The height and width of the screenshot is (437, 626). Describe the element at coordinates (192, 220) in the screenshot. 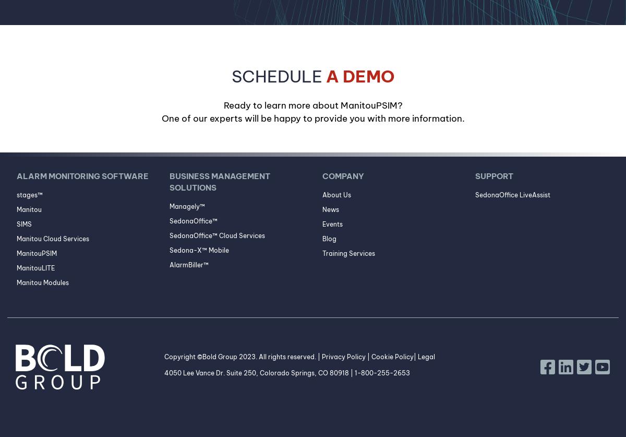

I see `'SedonaOffice™'` at that location.